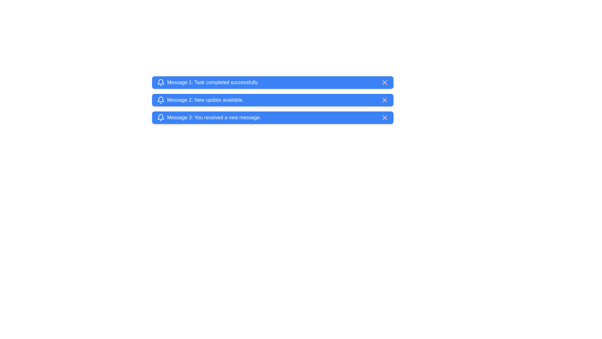  What do you see at coordinates (161, 81) in the screenshot?
I see `the lower portion of the stylized bell icon in the notification box to associate with the notification item` at bounding box center [161, 81].